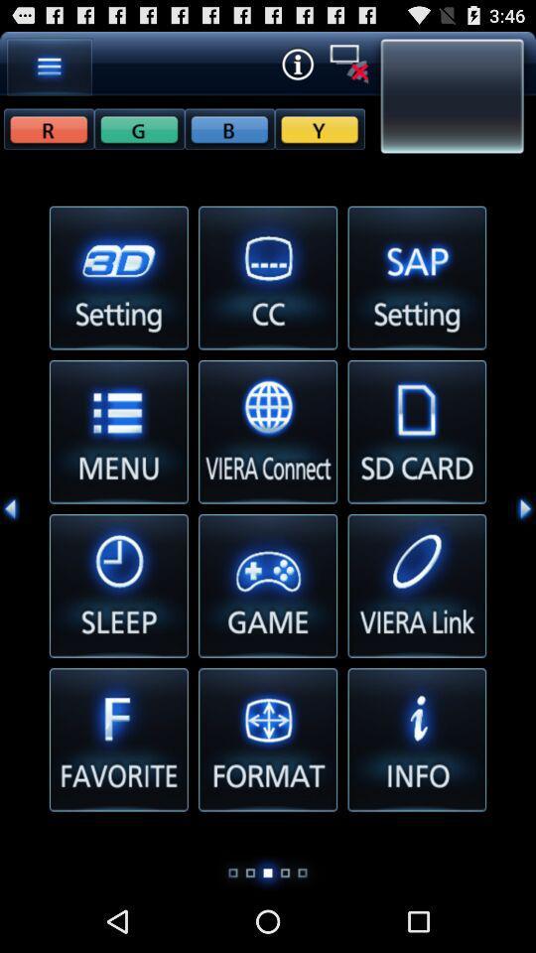  What do you see at coordinates (138, 136) in the screenshot?
I see `the facebook icon` at bounding box center [138, 136].